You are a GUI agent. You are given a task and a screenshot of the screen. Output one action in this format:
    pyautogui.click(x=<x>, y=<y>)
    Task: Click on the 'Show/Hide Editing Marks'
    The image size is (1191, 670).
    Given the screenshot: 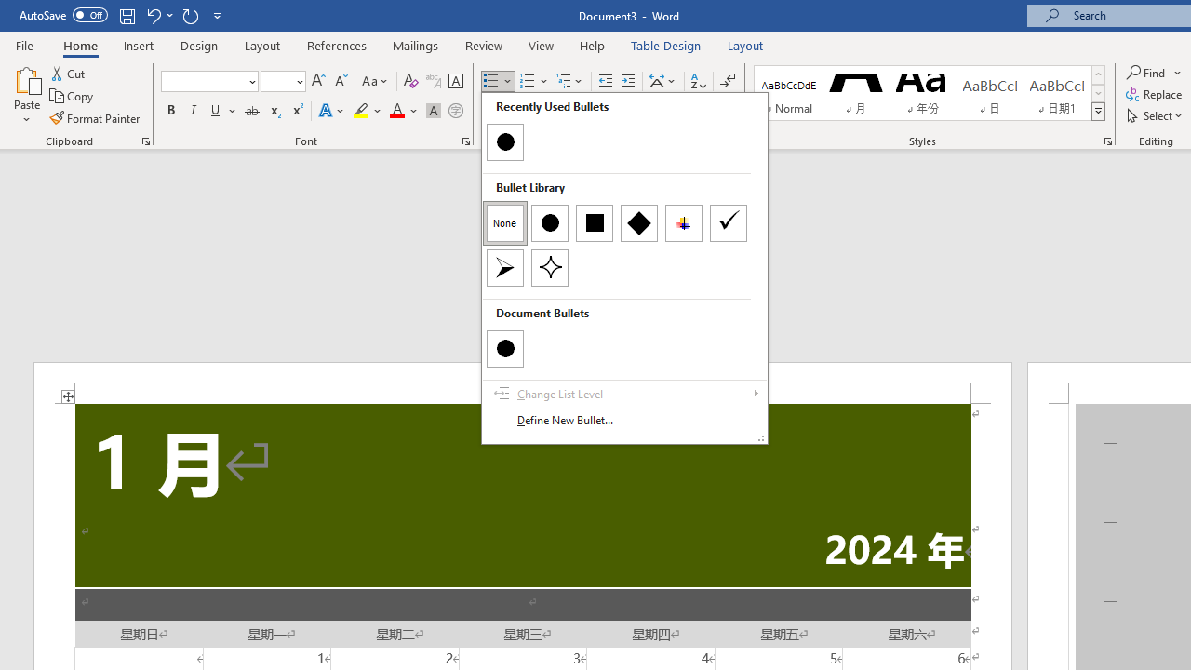 What is the action you would take?
    pyautogui.click(x=727, y=80)
    